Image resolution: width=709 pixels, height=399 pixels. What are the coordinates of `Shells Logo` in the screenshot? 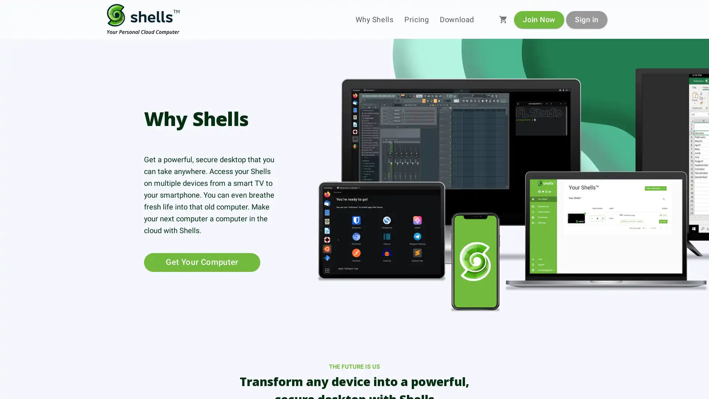 It's located at (143, 19).